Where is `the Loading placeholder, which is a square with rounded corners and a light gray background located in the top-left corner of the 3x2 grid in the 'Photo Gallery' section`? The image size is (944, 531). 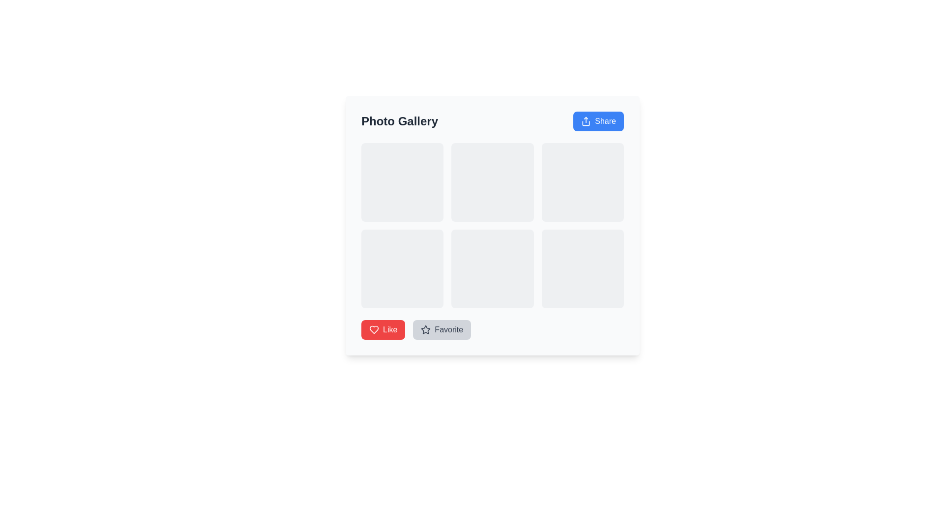
the Loading placeholder, which is a square with rounded corners and a light gray background located in the top-left corner of the 3x2 grid in the 'Photo Gallery' section is located at coordinates (402, 182).